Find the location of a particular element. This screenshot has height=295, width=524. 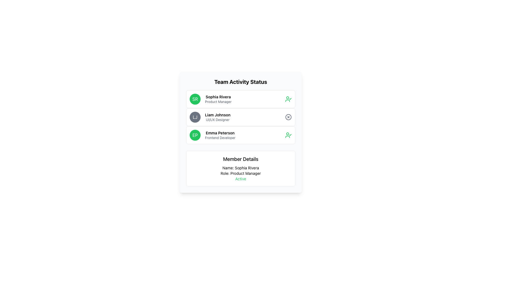

the 'Active' text label, which is styled in a small font size and green color, located at the bottom of the 'Member Details' section directly below 'Role: Product Manager' is located at coordinates (240, 179).